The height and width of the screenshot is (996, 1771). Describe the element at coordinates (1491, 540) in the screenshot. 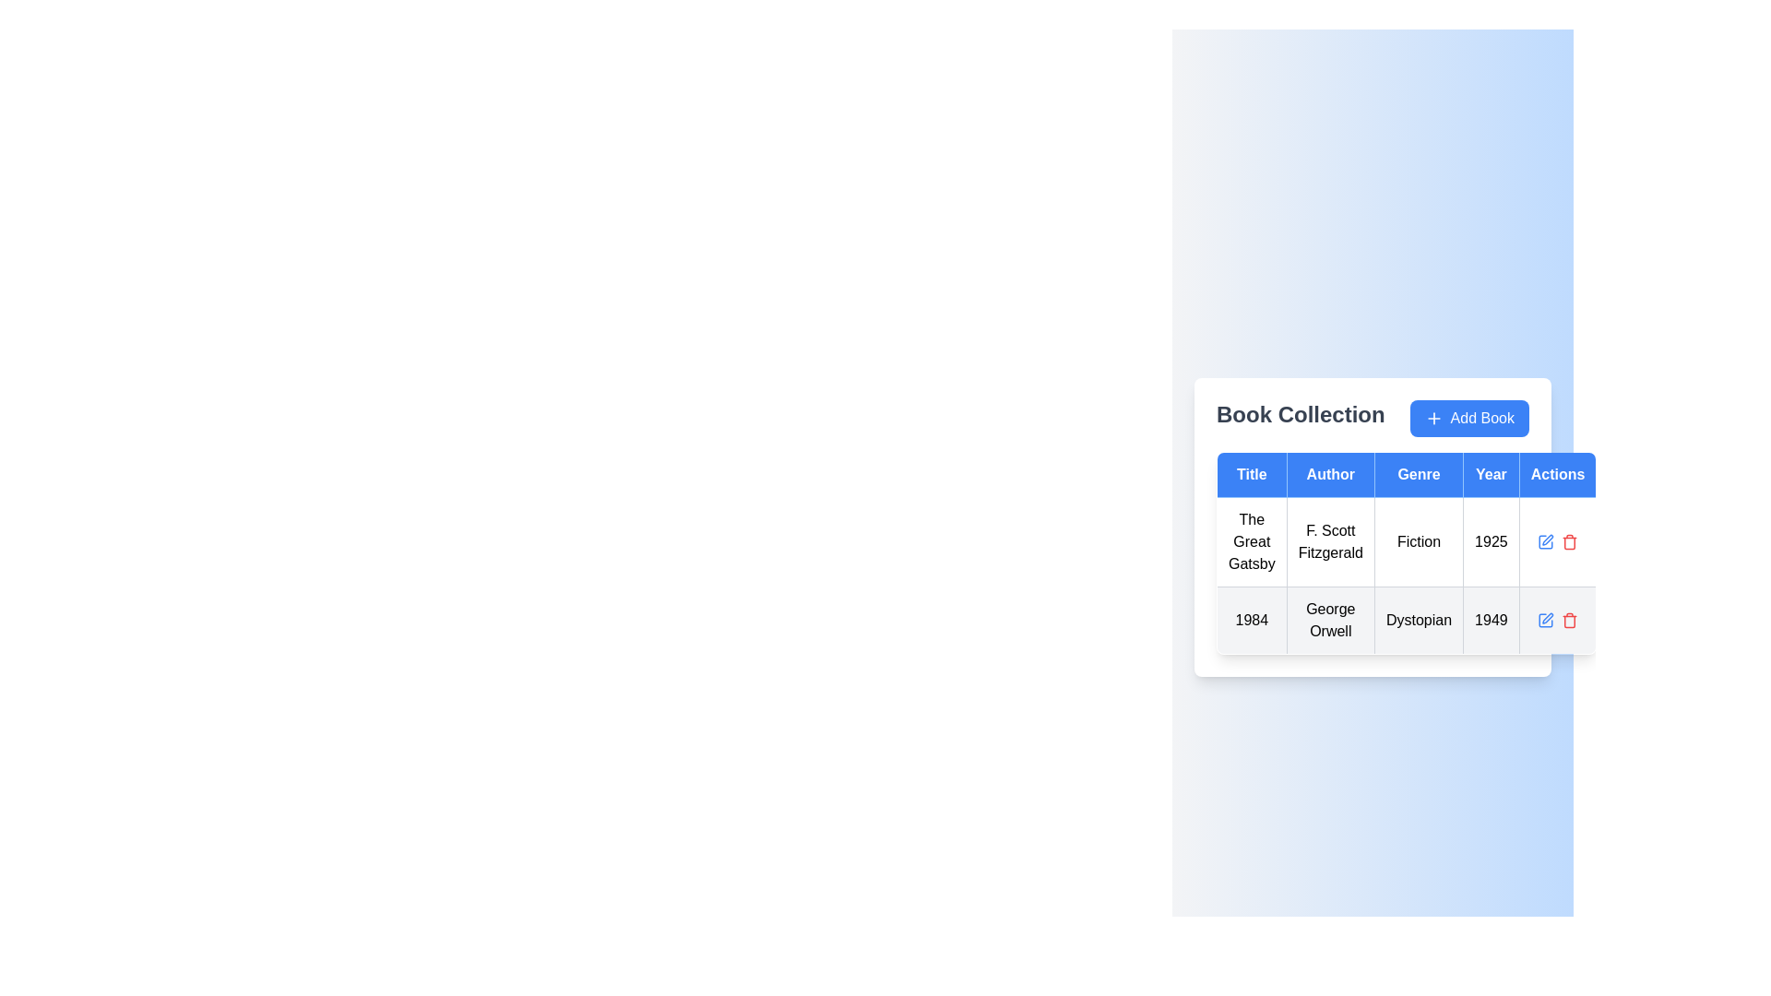

I see `the text display cell showing '1925' in the fourth column labeled 'Year' of the first row in the 'Book Collection' table` at that location.